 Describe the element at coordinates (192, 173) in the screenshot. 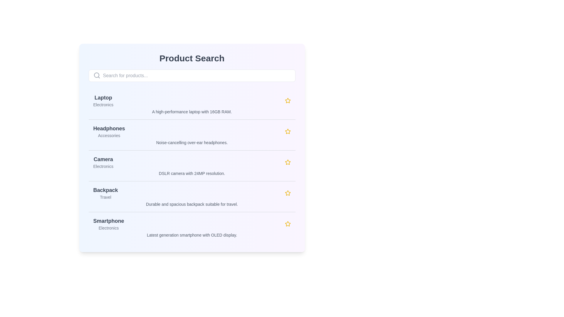

I see `the descriptive text block located under the 'Camera' title in the 'Electronics' category of the vertical list` at that location.